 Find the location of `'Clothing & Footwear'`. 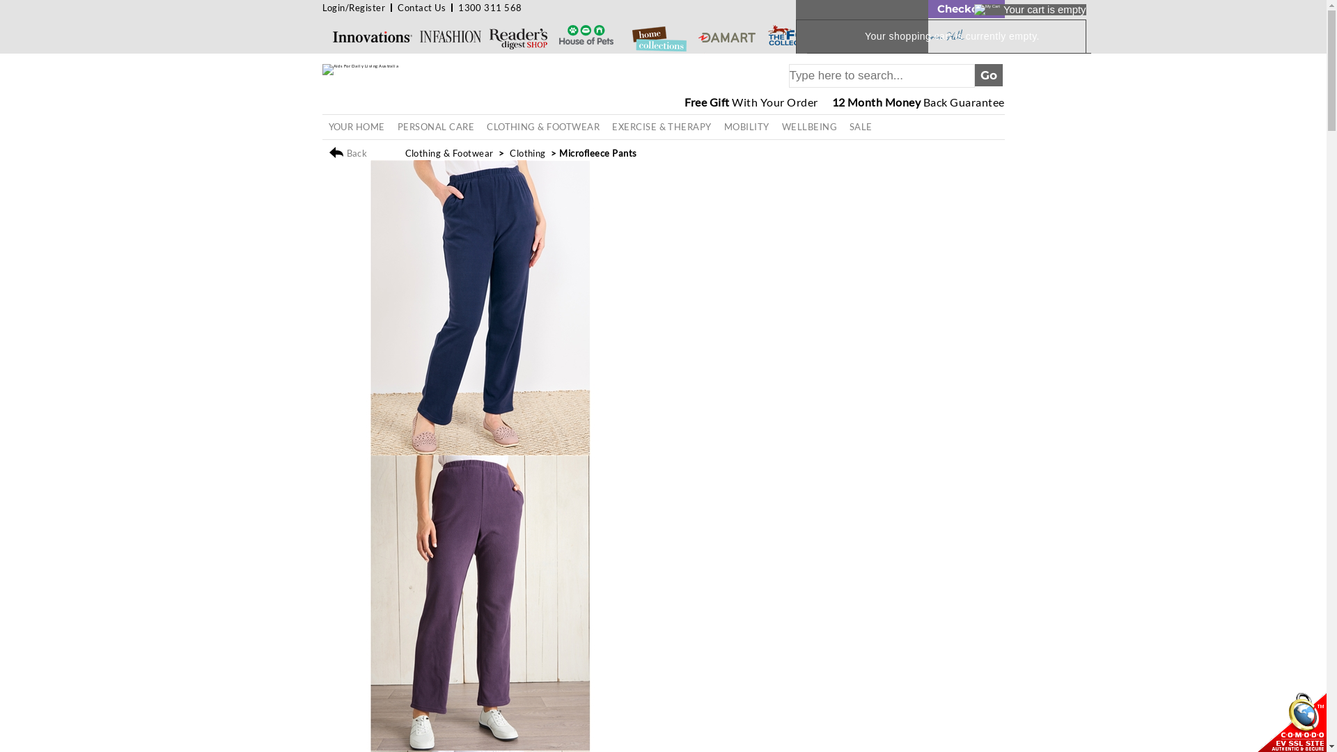

'Clothing & Footwear' is located at coordinates (449, 152).